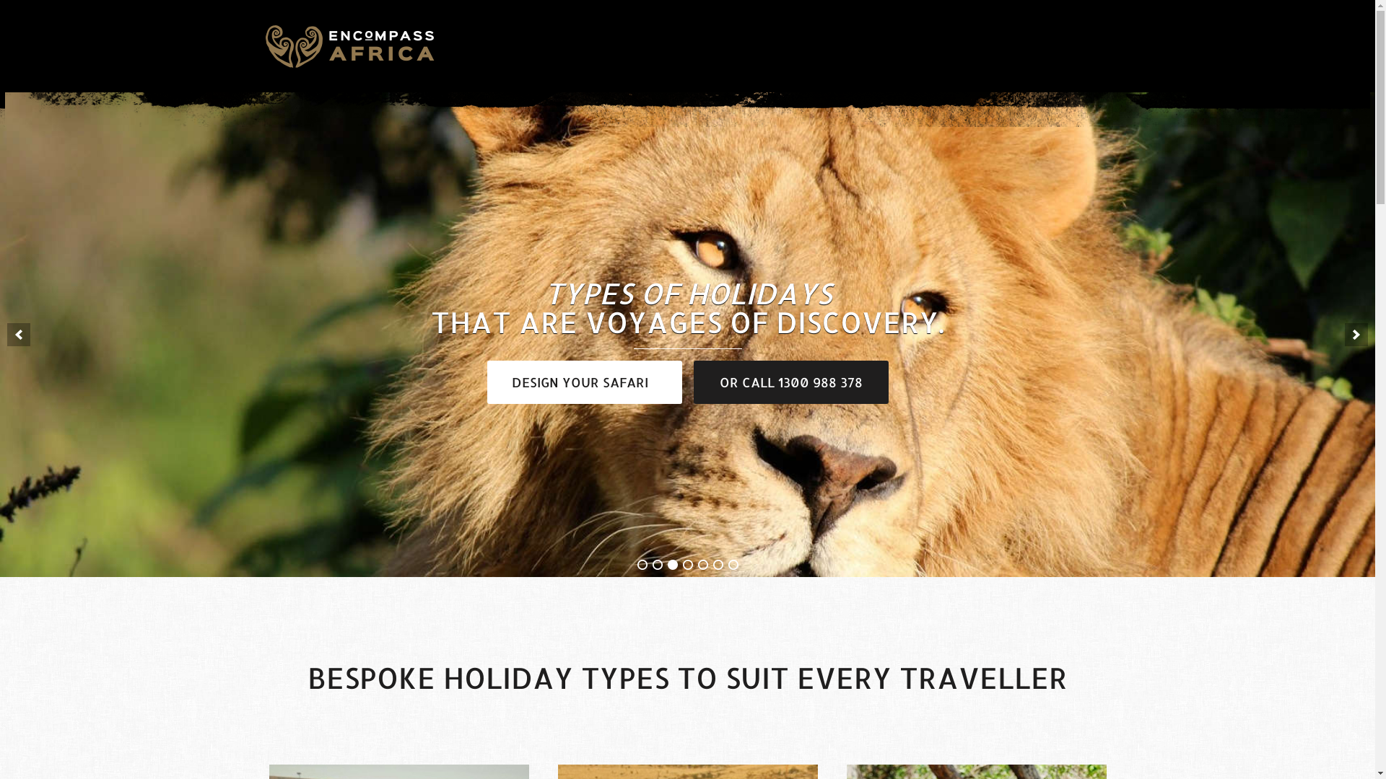  I want to click on 'OR CALL 1300 988 378', so click(789, 381).